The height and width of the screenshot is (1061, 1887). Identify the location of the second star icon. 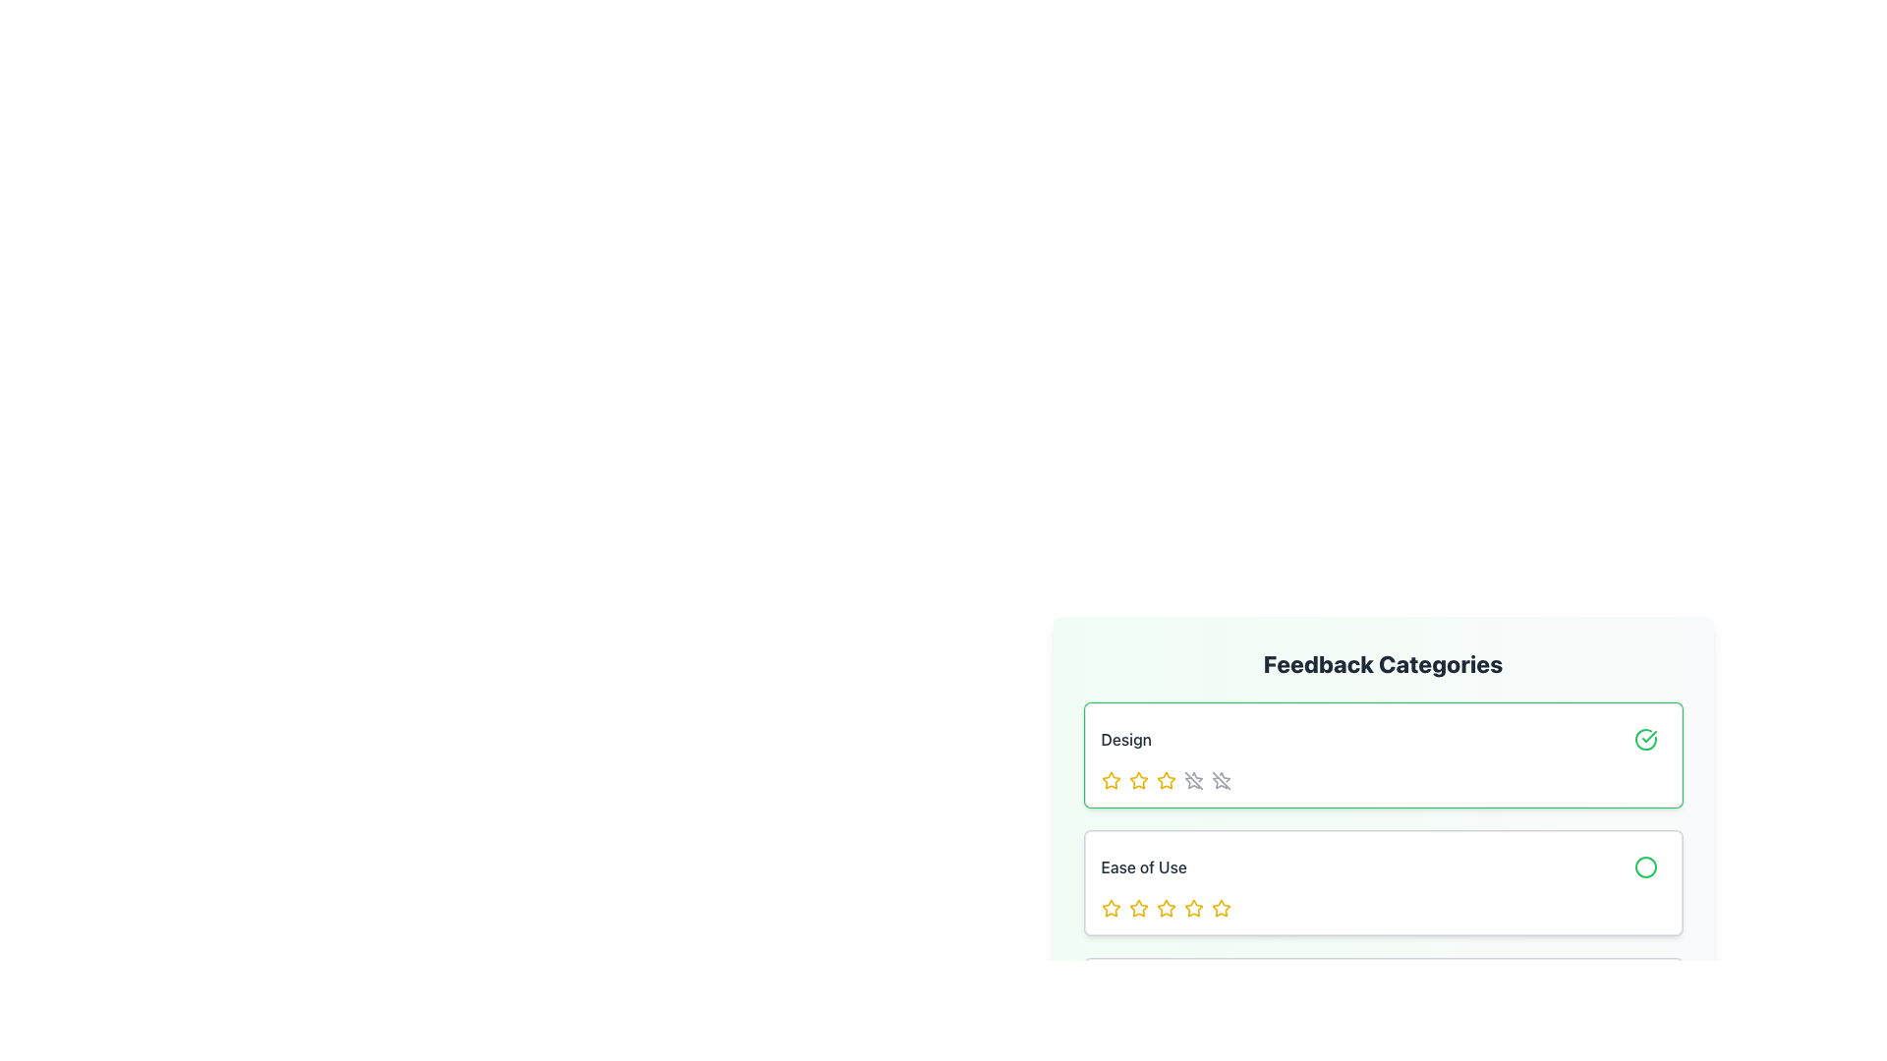
(1137, 779).